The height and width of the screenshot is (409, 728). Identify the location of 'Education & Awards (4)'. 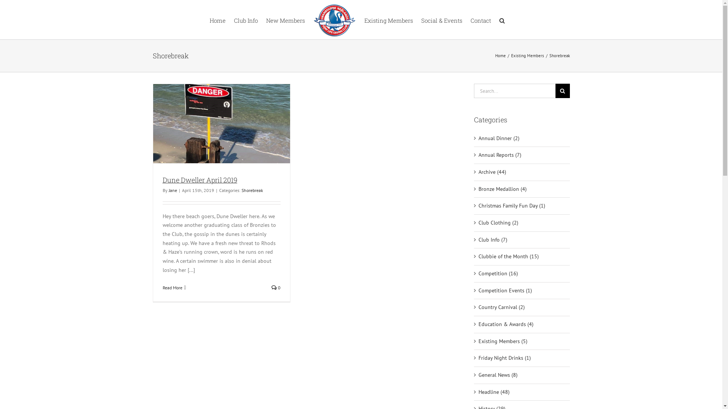
(522, 324).